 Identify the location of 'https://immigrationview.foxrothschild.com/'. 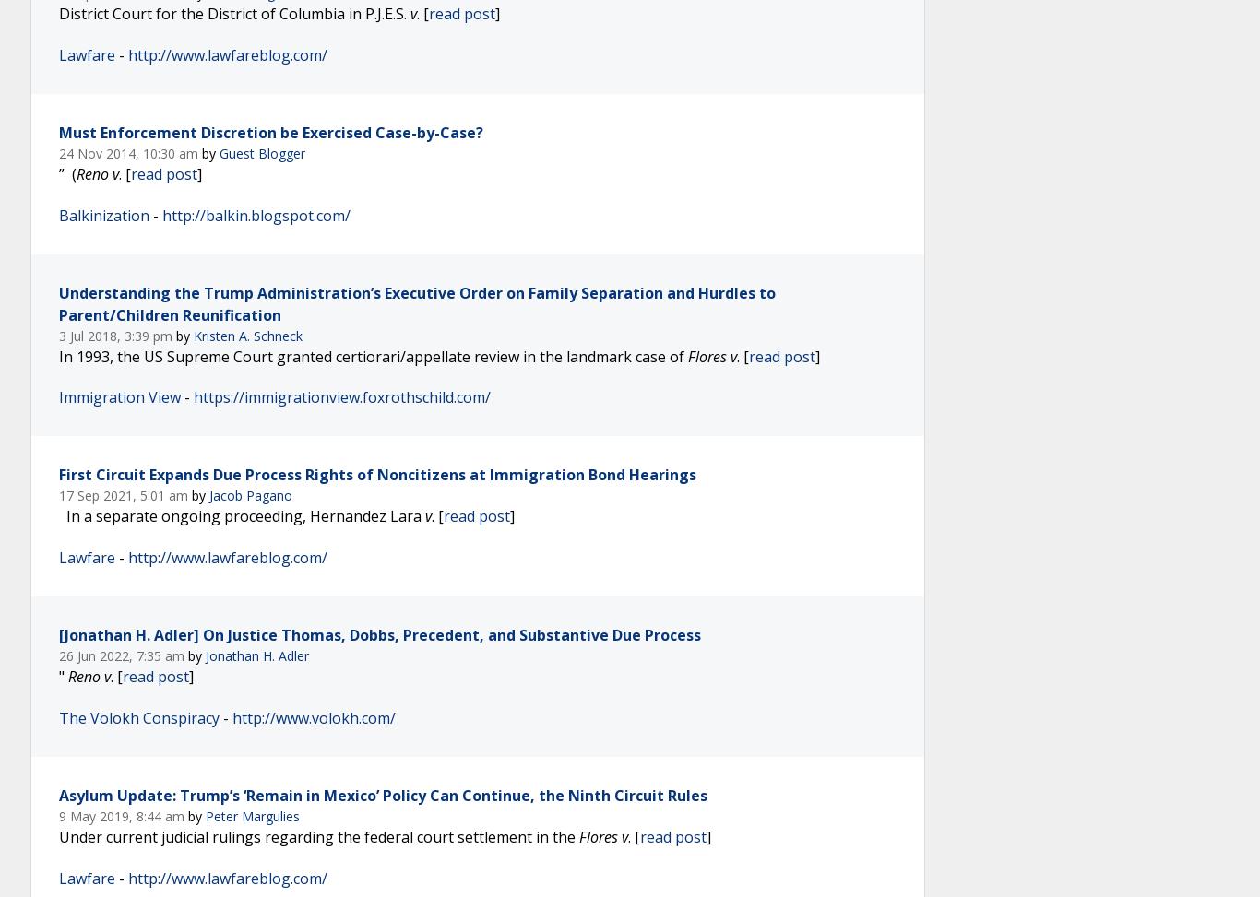
(341, 397).